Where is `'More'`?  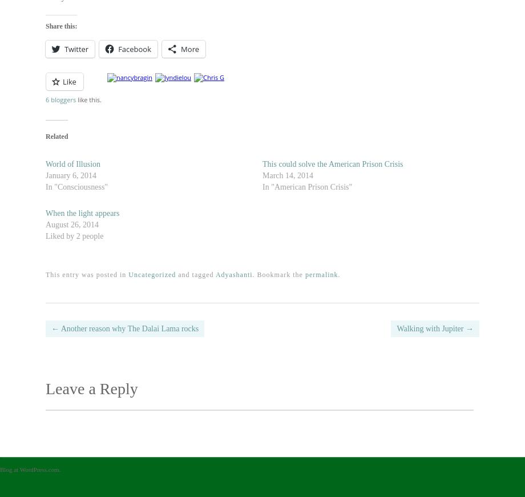
'More' is located at coordinates (189, 47).